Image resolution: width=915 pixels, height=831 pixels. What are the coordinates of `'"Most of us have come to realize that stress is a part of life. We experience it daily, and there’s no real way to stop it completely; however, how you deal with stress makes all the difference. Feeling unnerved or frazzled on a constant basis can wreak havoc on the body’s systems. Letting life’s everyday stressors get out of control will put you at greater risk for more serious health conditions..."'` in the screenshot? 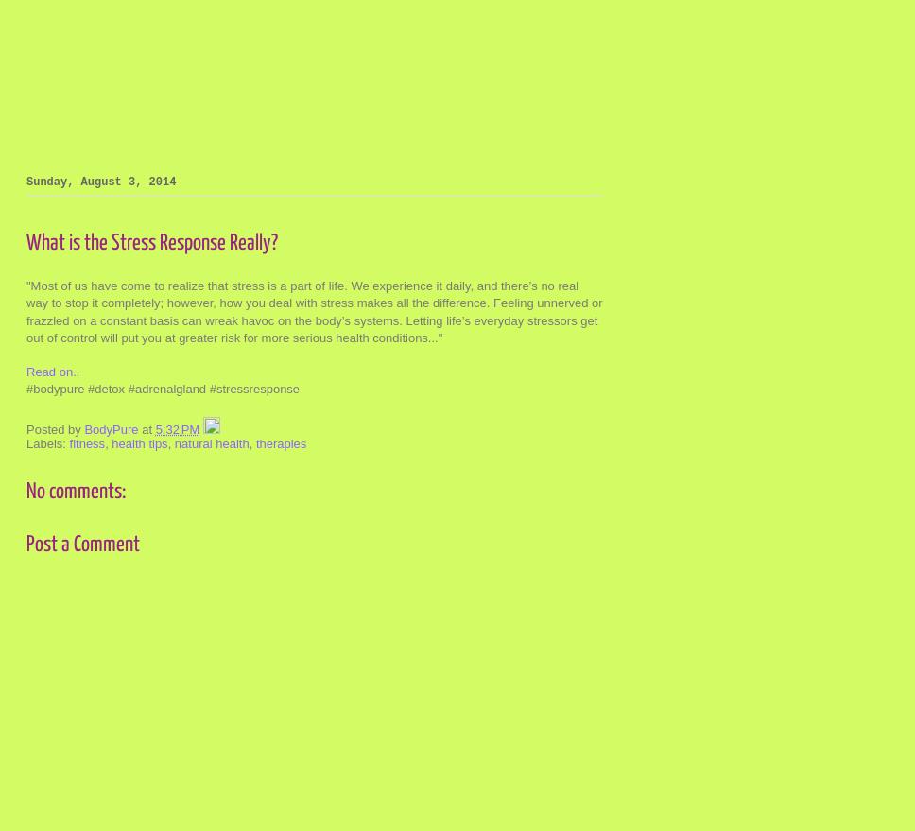 It's located at (314, 310).